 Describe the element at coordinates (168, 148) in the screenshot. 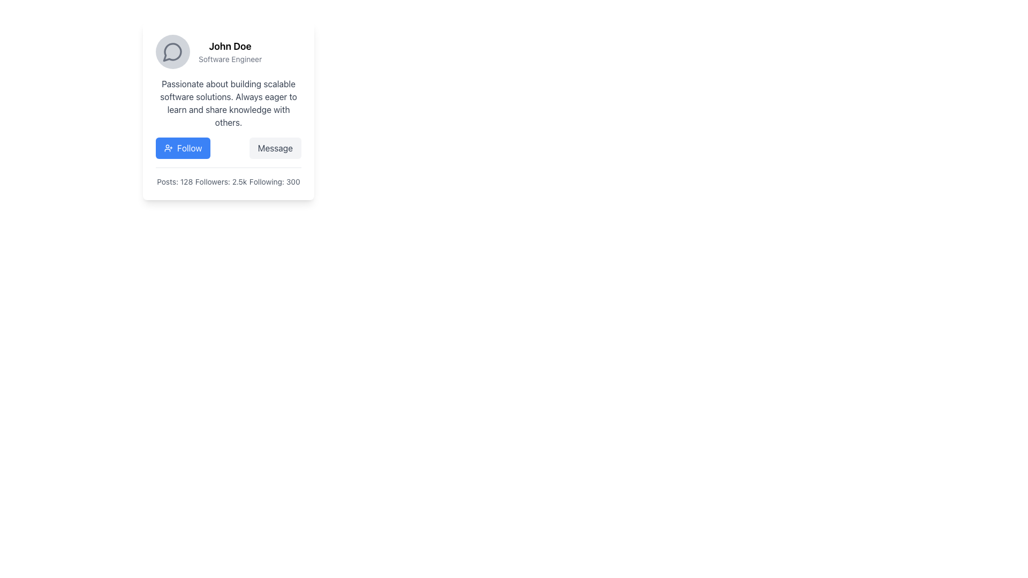

I see `the user-plus icon within the blue 'Follow' button located to the left of the user's profile card, which visually represents the action of 'Following'` at that location.